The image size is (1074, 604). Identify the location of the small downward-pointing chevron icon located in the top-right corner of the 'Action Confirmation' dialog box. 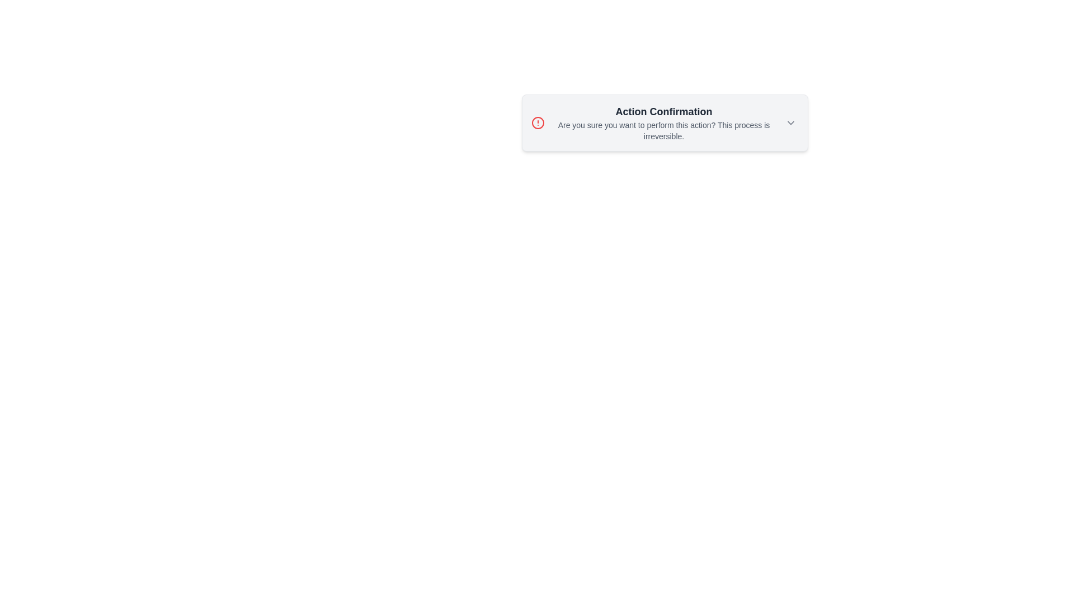
(790, 122).